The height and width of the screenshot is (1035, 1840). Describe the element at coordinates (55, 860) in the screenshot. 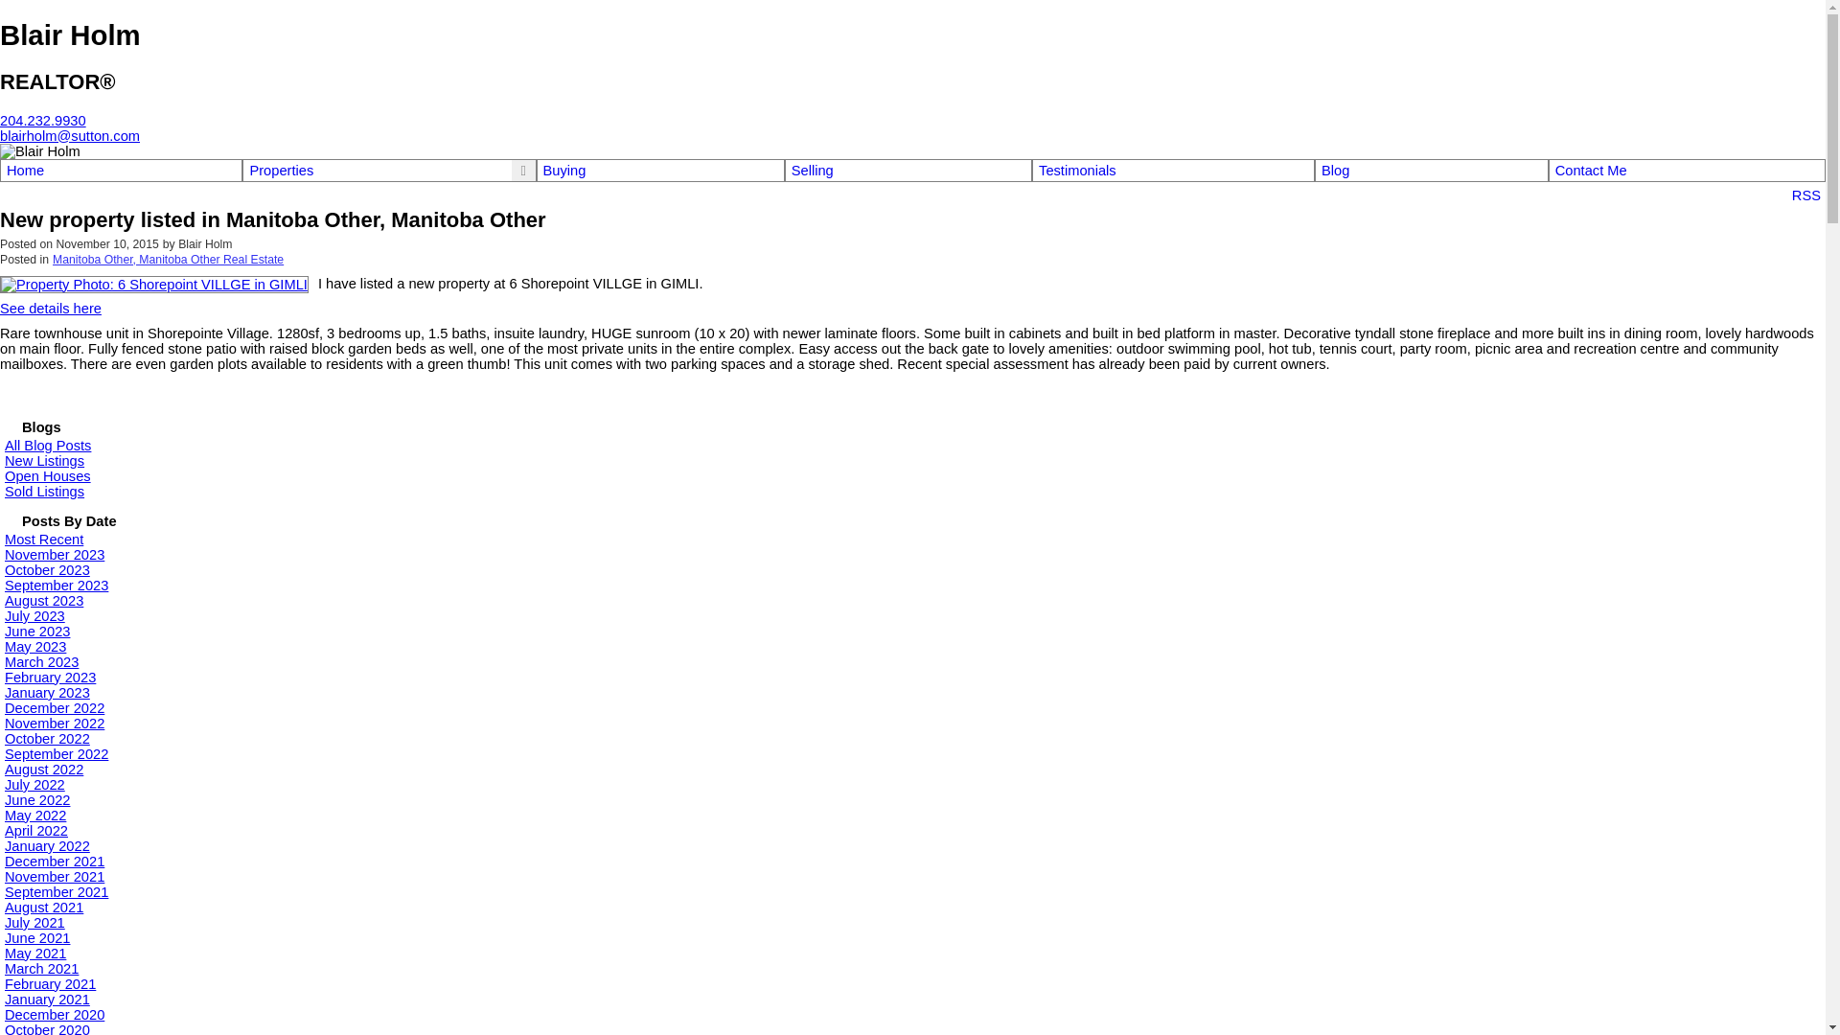

I see `'December 2021'` at that location.